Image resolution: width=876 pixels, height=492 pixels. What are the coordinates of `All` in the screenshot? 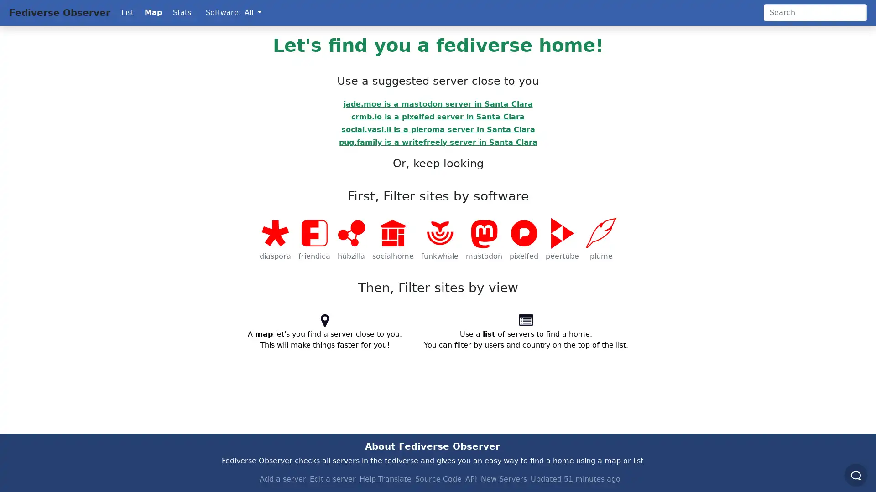 It's located at (253, 12).